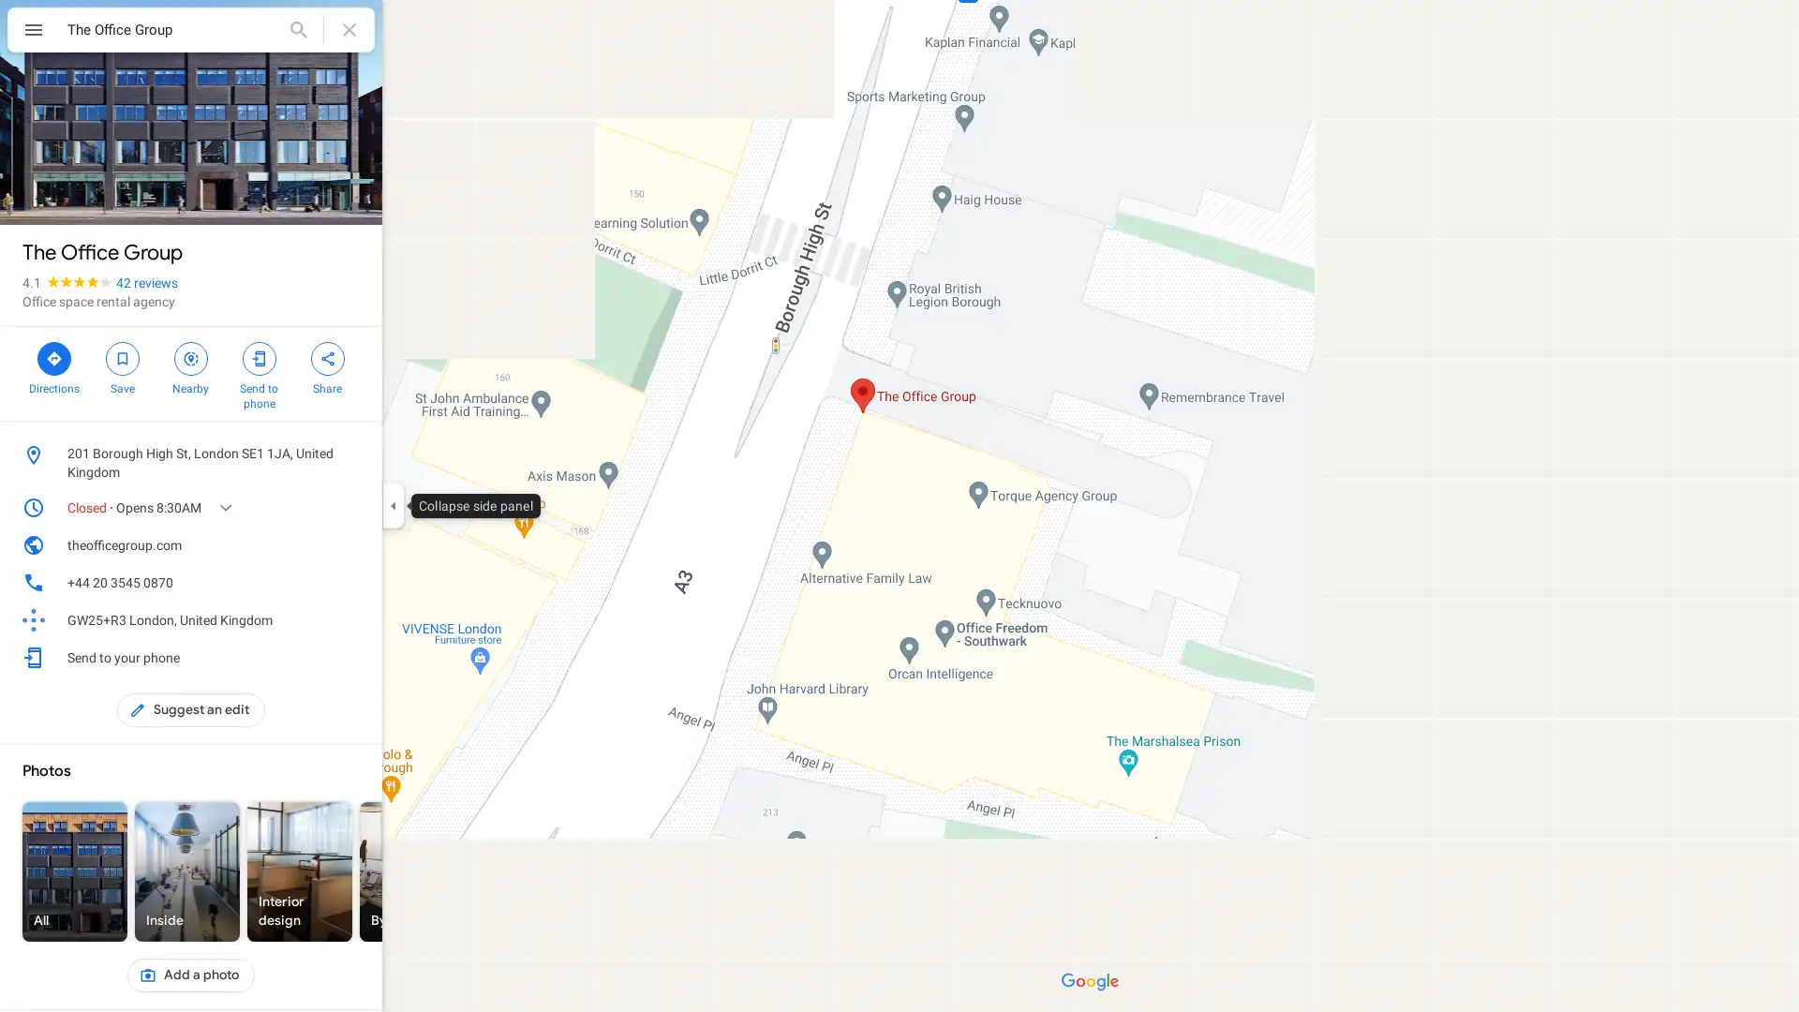 The image size is (1799, 1012). Describe the element at coordinates (411, 871) in the screenshot. I see `By owner` at that location.